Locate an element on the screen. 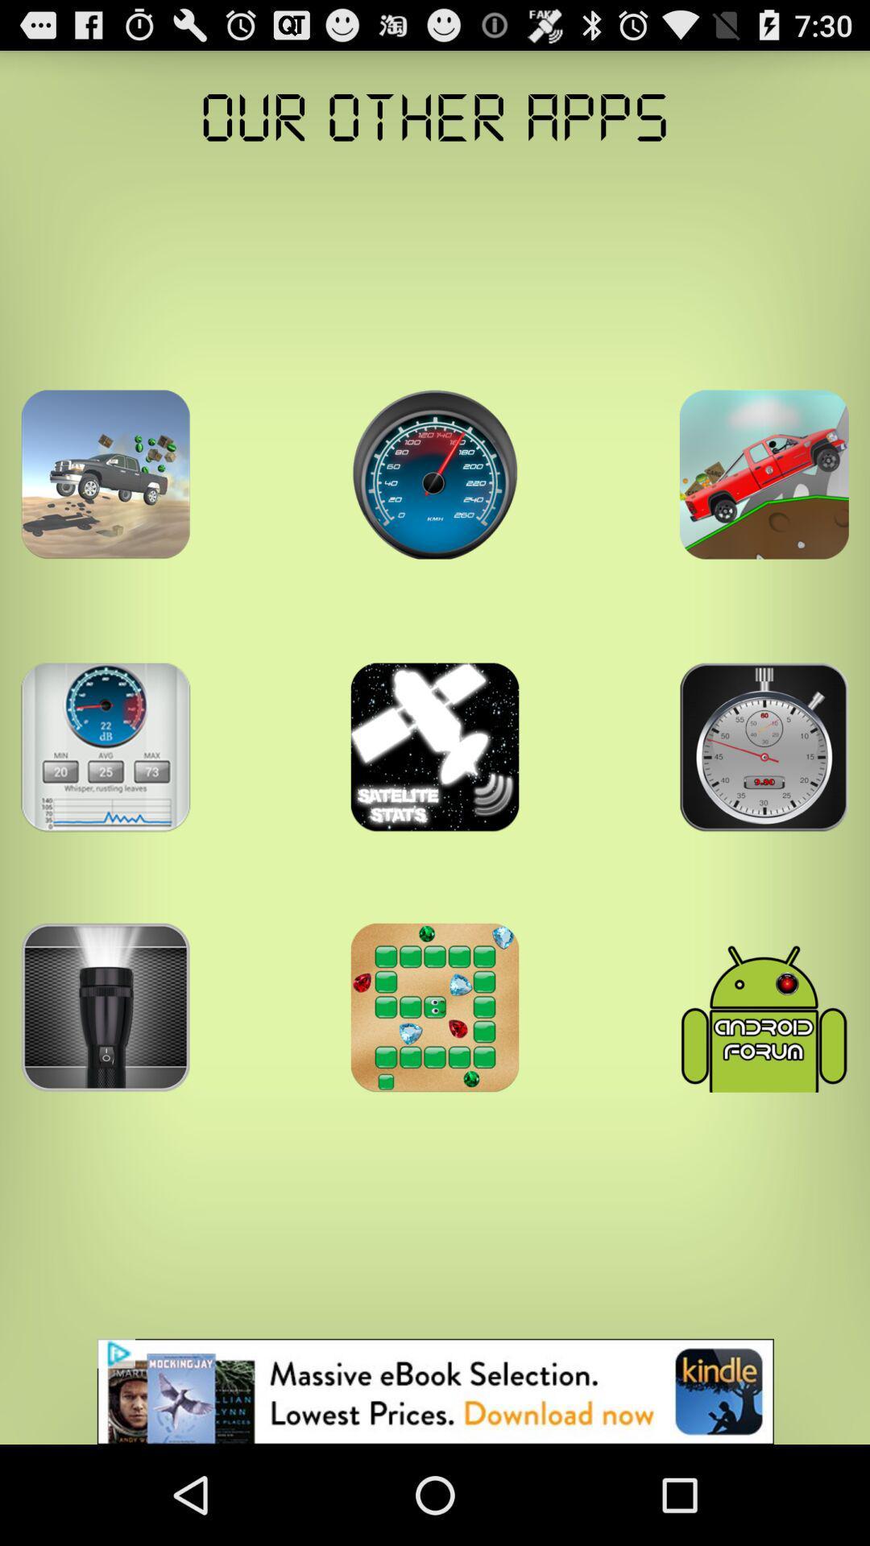 The image size is (870, 1546). to select the icon go to particular option is located at coordinates (435, 473).